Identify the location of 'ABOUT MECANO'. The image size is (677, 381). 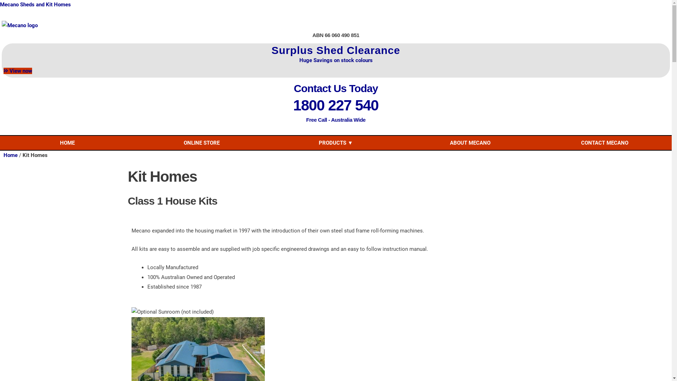
(470, 143).